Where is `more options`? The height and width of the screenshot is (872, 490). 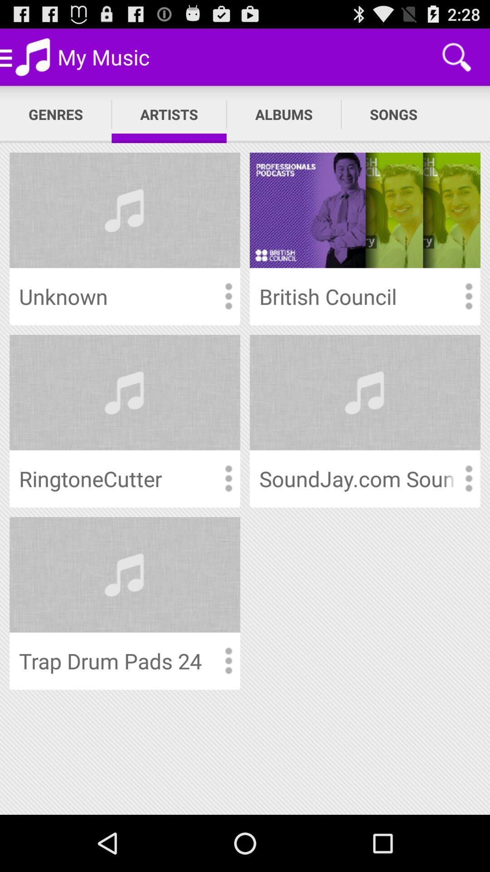 more options is located at coordinates (468, 478).